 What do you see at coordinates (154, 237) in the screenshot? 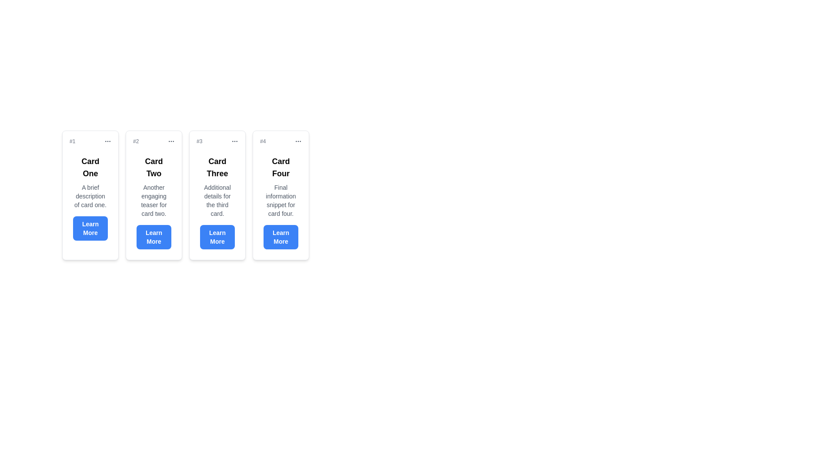
I see `the button with blue background and white text labeled 'Learn More' located at the bottom of 'Card Two'` at bounding box center [154, 237].